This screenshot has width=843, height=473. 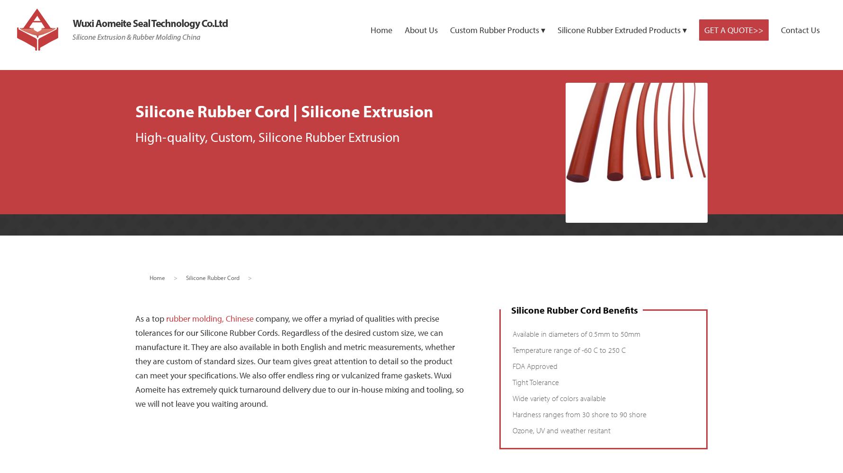 I want to click on 'Temperature range of -60 C to 250 C', so click(x=569, y=350).